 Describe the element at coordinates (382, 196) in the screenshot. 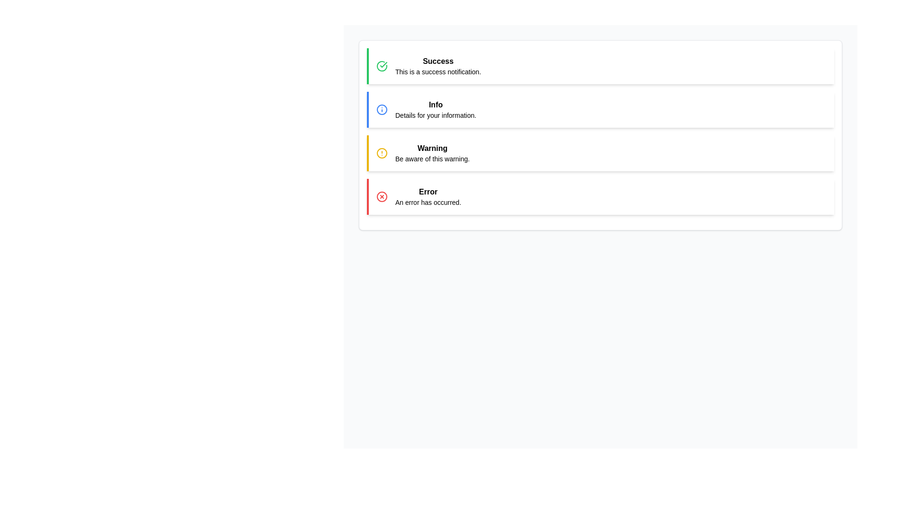

I see `the rounded red error icon with a bold 'X' at the leftmost side of the error notification card, which indicates an error state` at that location.